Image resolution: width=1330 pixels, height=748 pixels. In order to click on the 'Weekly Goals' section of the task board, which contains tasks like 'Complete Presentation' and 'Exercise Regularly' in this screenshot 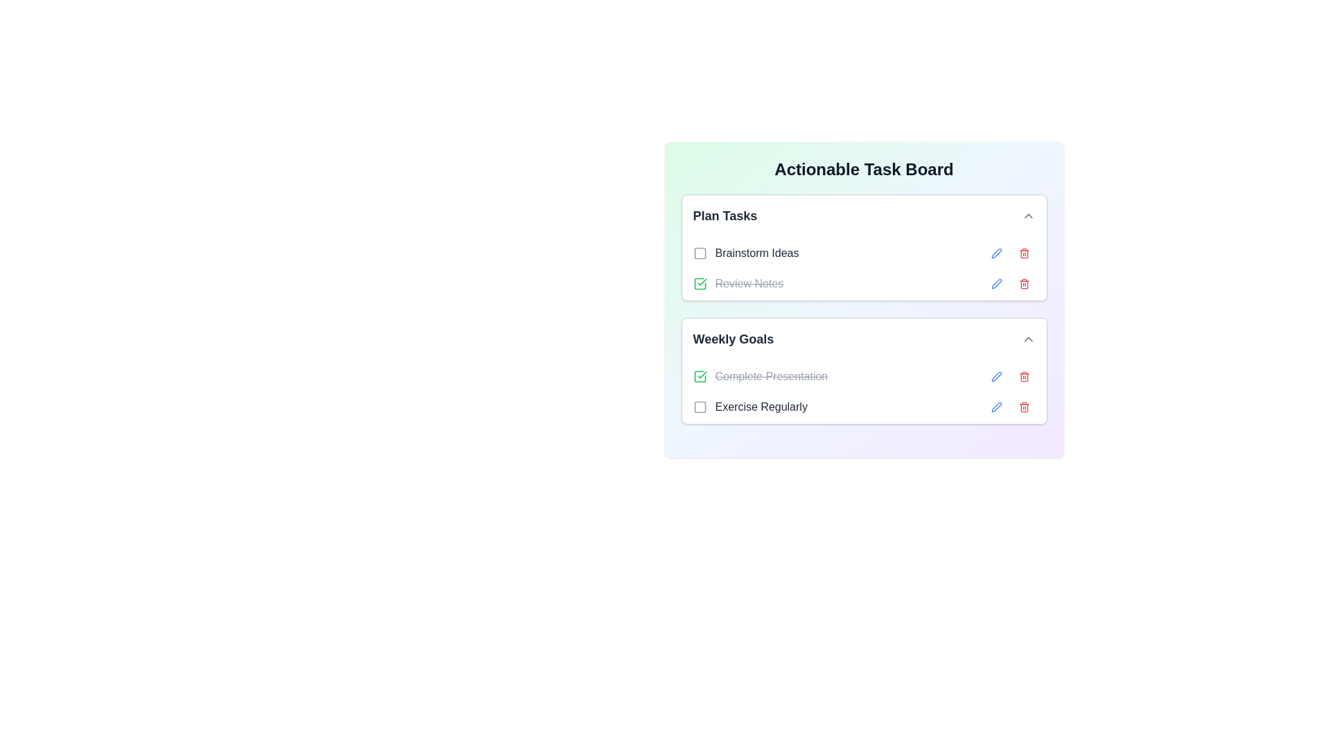, I will do `click(863, 392)`.